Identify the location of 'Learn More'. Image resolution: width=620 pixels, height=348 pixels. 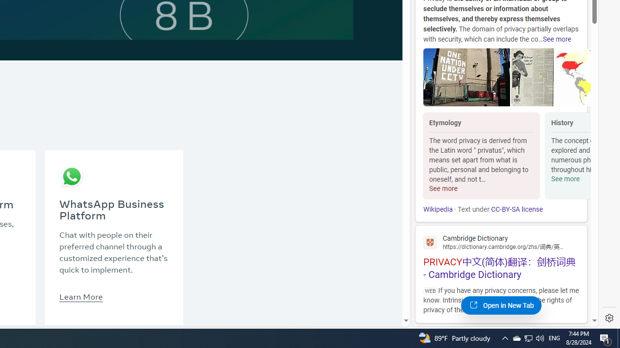
(81, 296).